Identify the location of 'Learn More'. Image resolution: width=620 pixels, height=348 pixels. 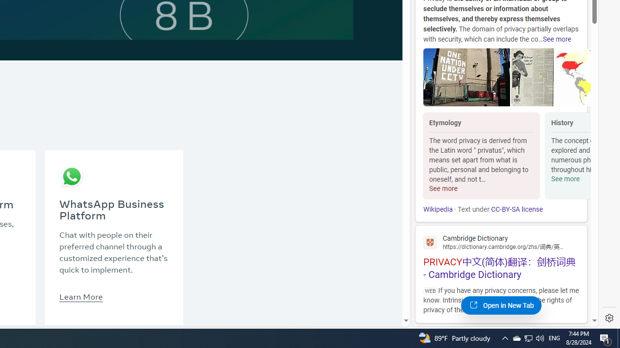
(81, 296).